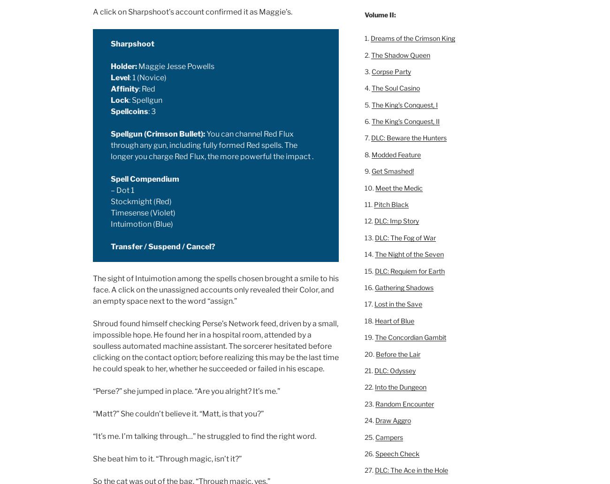 The width and height of the screenshot is (610, 484). I want to click on 'Get Smashed!', so click(392, 170).